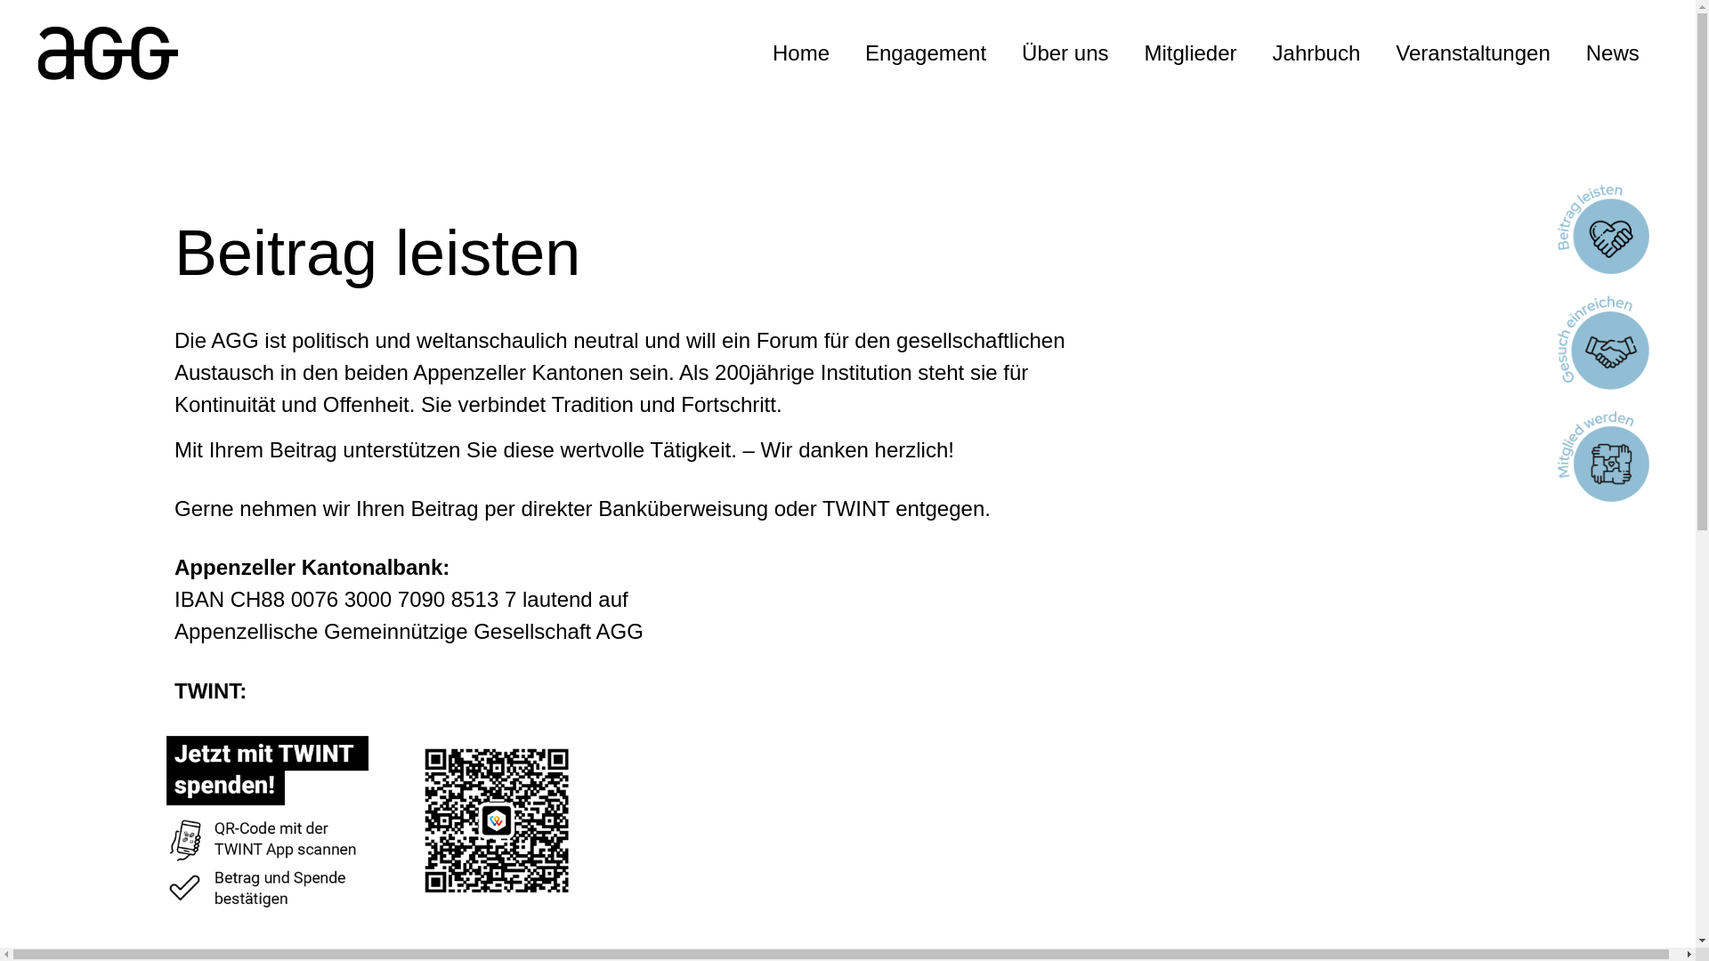  I want to click on 'Veranstaltungen', so click(1472, 52).